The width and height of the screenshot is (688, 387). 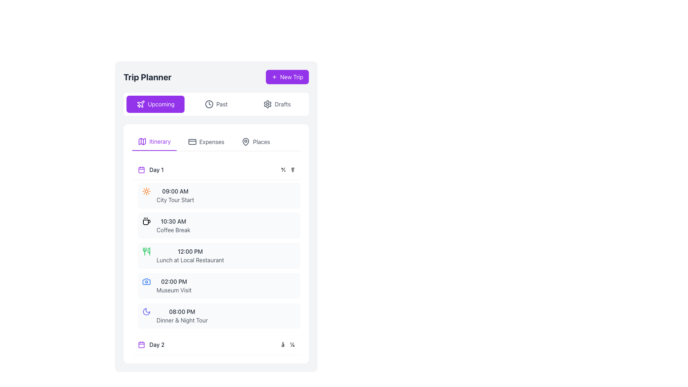 I want to click on the header or label for Day 2 in the Trip Planner panel under the Upcoming tab, so click(x=151, y=344).